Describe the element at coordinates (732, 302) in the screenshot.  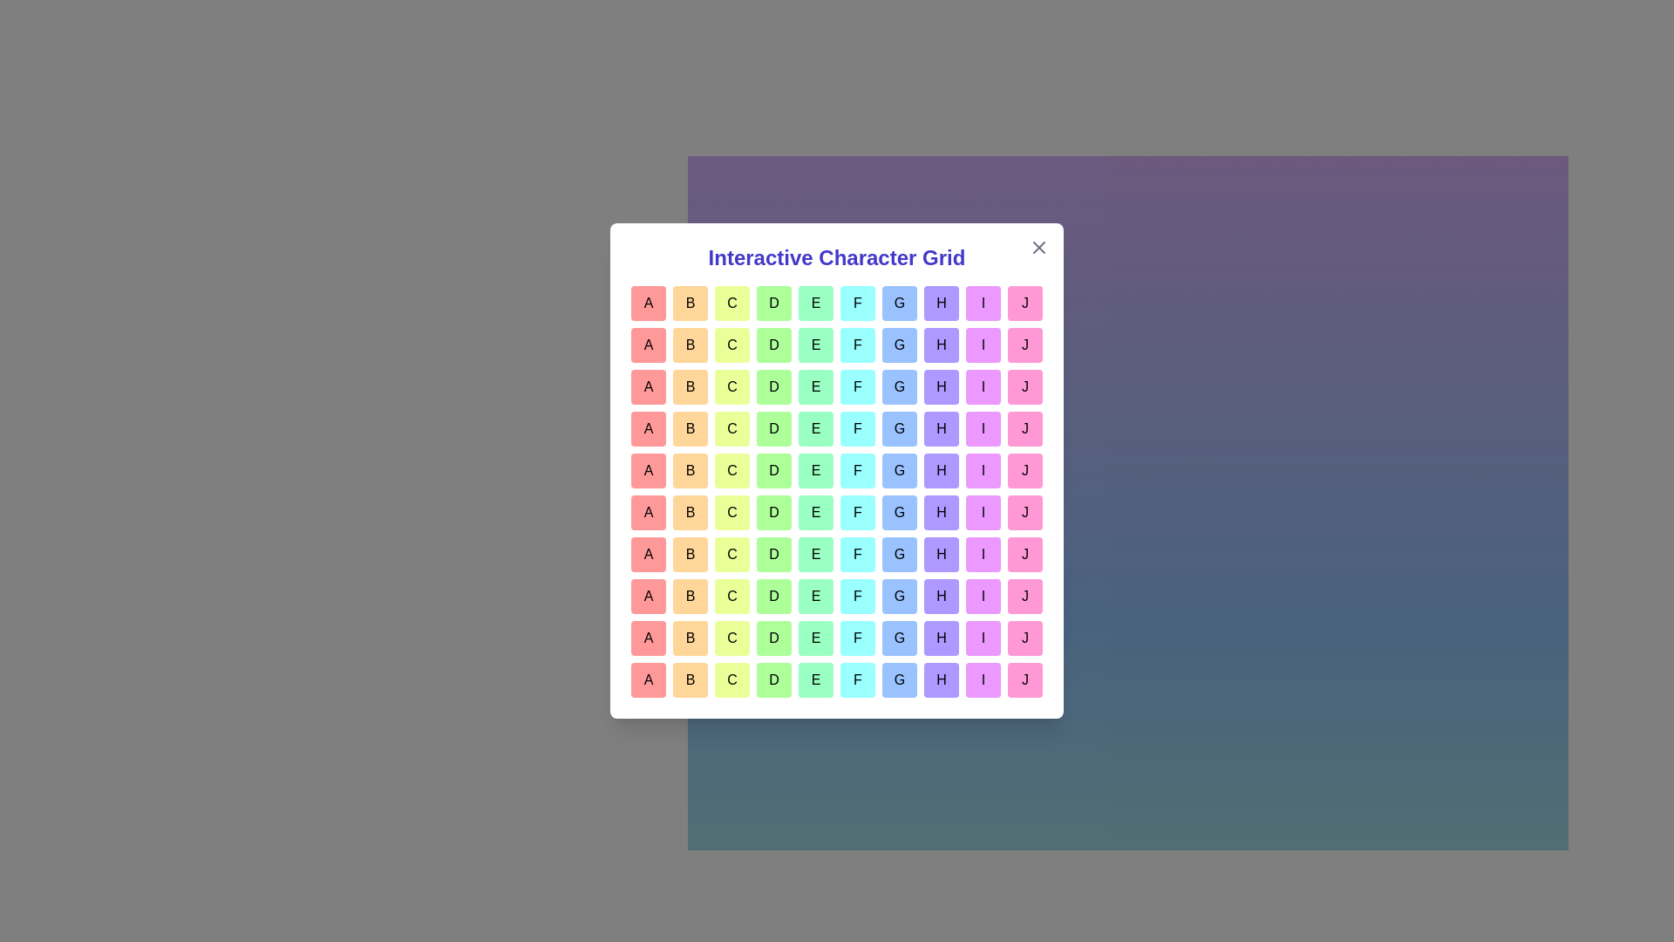
I see `the grid cell labeled C` at that location.